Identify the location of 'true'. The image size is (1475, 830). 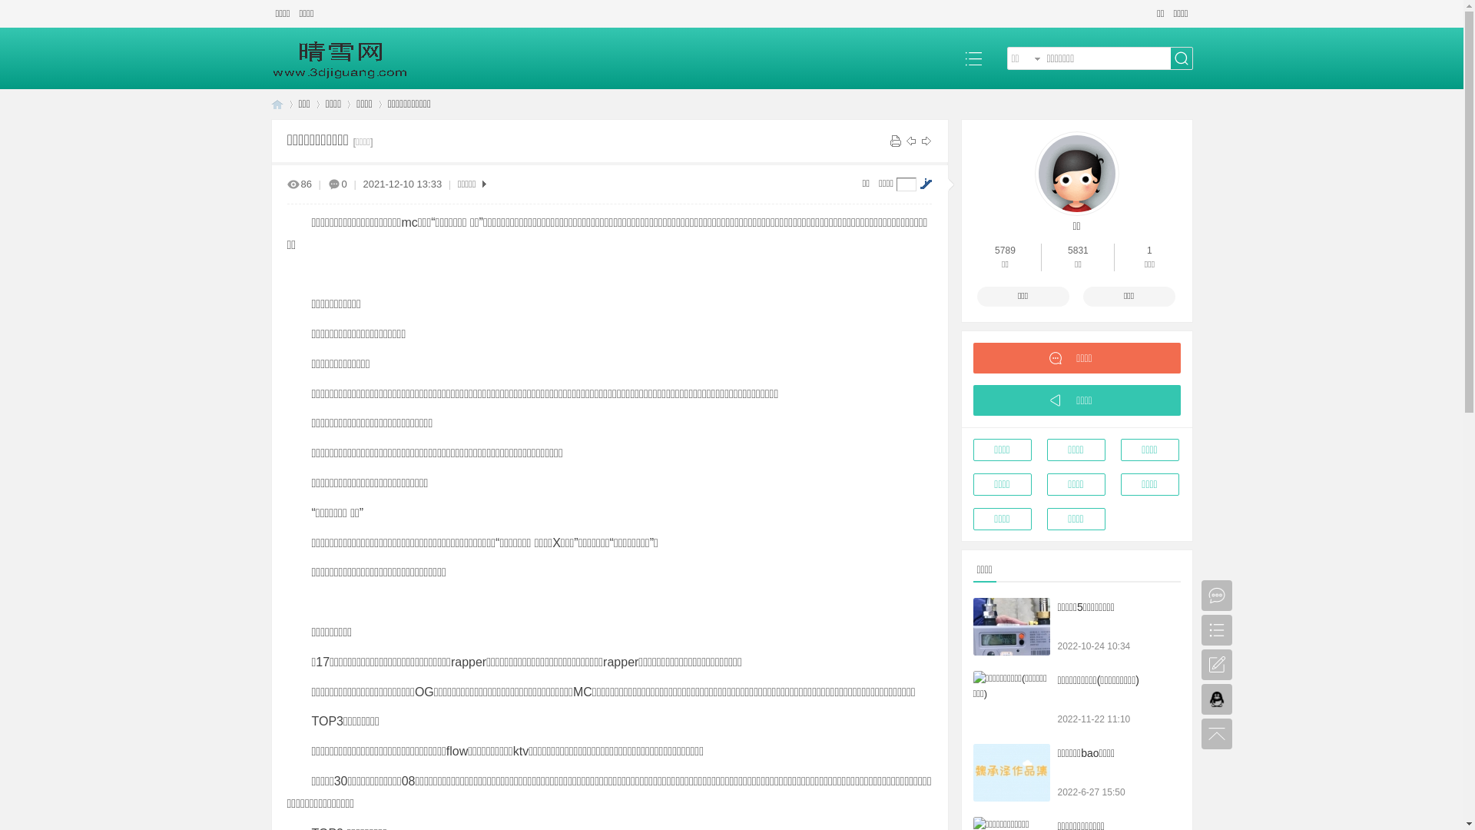
(1180, 57).